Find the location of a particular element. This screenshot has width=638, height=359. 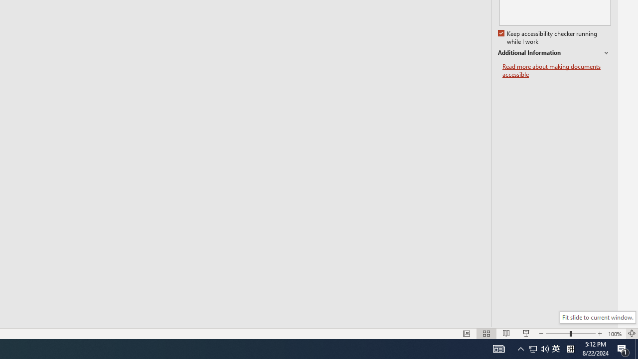

'Zoom 100%' is located at coordinates (615, 334).